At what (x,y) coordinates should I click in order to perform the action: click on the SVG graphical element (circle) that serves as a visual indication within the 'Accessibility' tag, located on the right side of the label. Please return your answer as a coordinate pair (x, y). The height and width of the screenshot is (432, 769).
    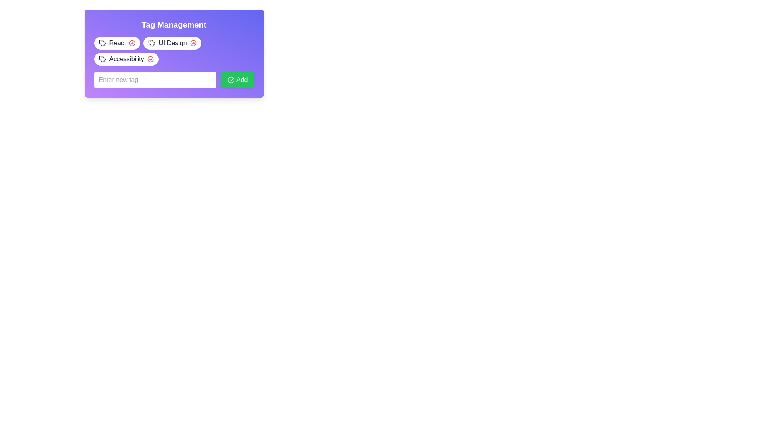
    Looking at the image, I should click on (150, 58).